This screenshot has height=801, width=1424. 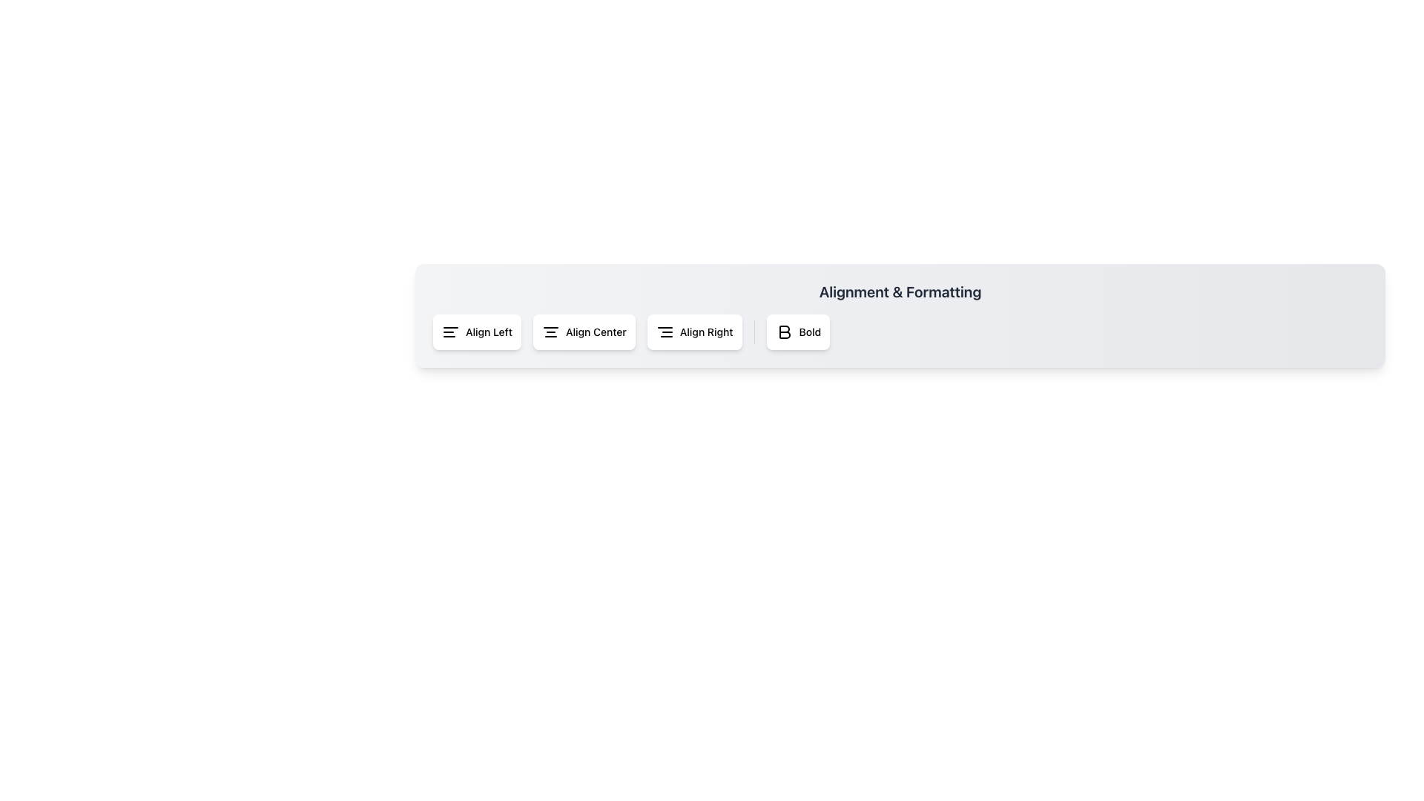 What do you see at coordinates (797, 331) in the screenshot?
I see `the 'Bold' button with a white background and a bold 'B' icon` at bounding box center [797, 331].